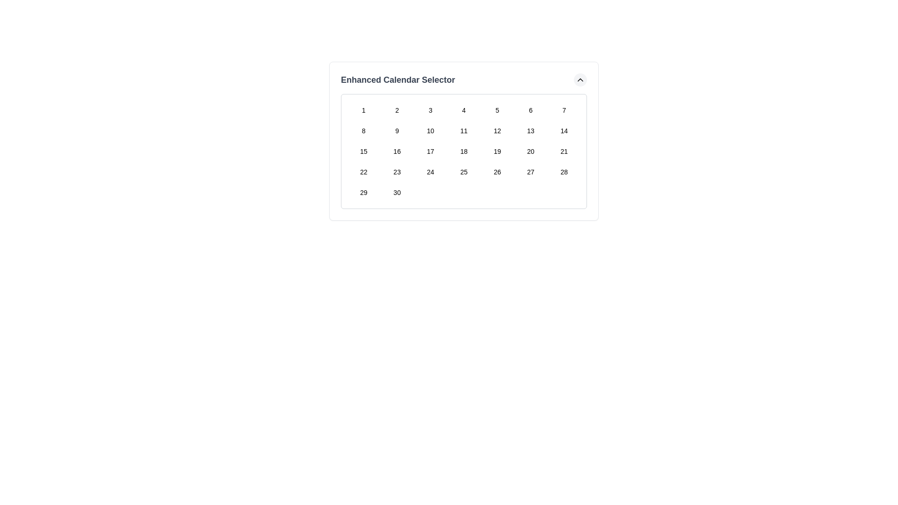 The height and width of the screenshot is (505, 898). What do you see at coordinates (464, 131) in the screenshot?
I see `the button representing the date '11' in the Enhanced Calendar Selector` at bounding box center [464, 131].